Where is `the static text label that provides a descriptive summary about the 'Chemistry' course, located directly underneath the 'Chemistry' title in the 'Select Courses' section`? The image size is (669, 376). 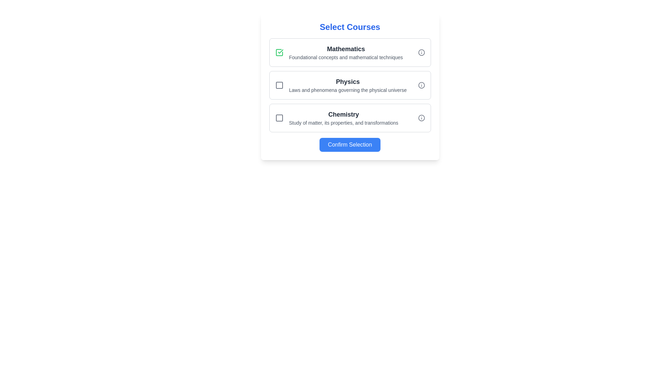 the static text label that provides a descriptive summary about the 'Chemistry' course, located directly underneath the 'Chemistry' title in the 'Select Courses' section is located at coordinates (344, 123).